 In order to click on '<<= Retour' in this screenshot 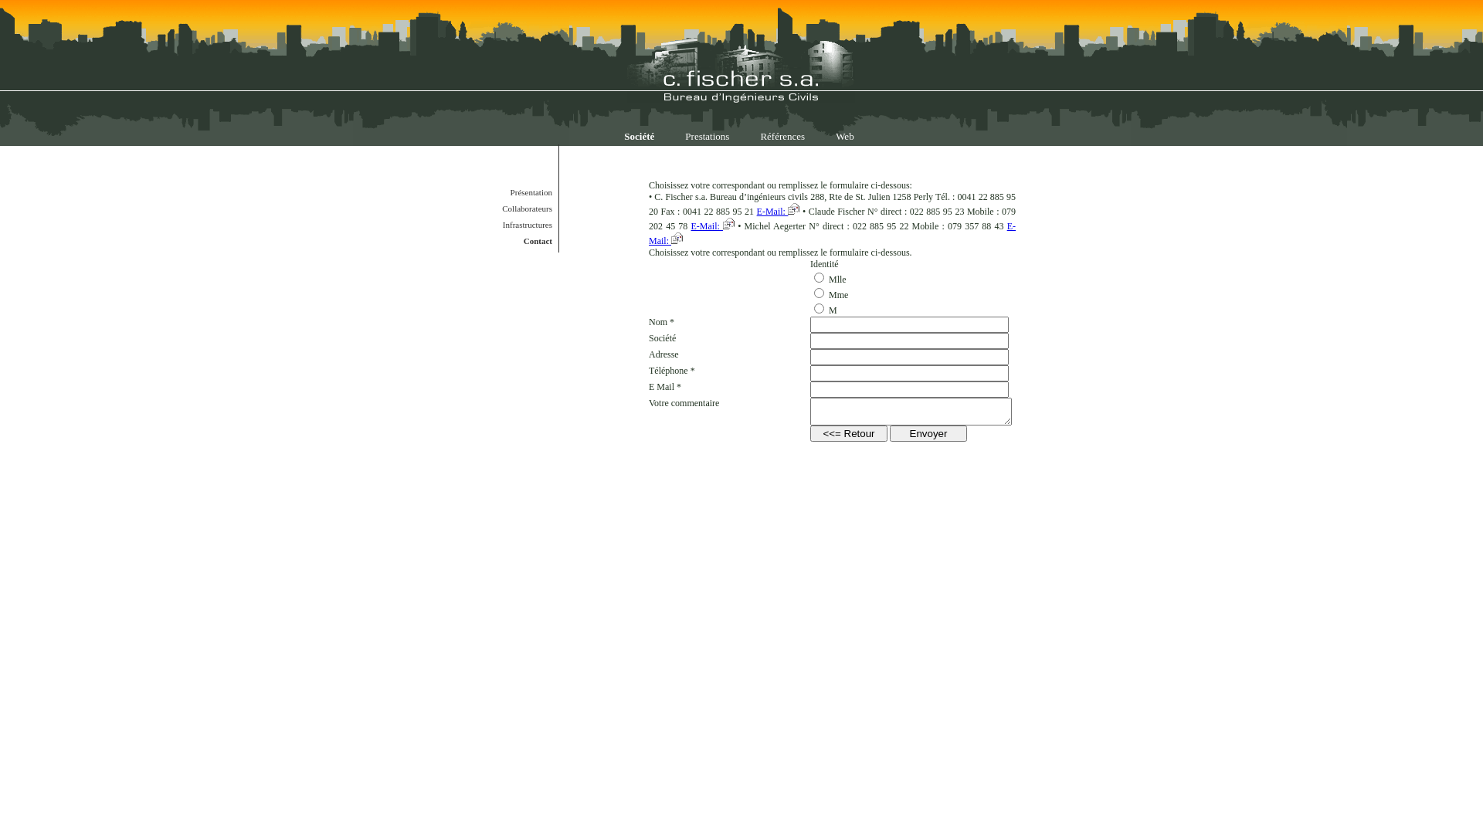, I will do `click(848, 433)`.